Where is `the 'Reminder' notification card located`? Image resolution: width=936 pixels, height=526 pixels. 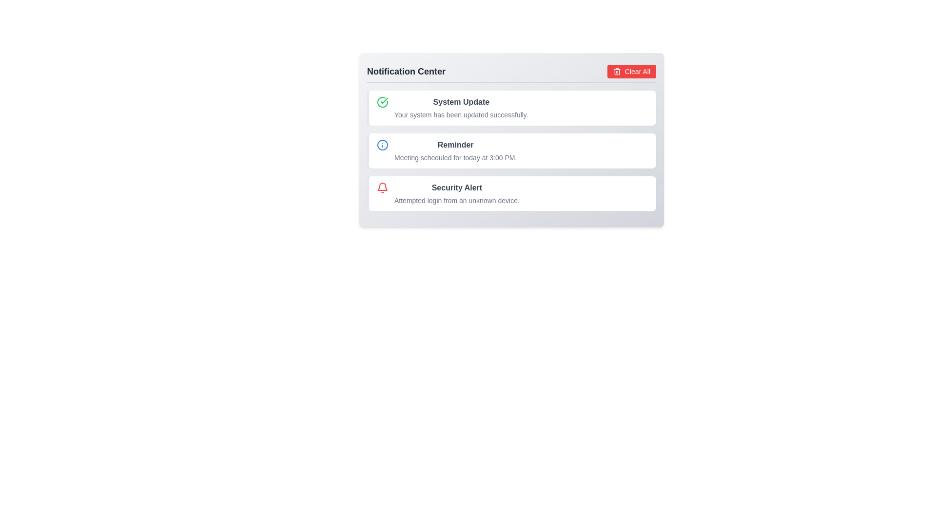 the 'Reminder' notification card located is located at coordinates (511, 140).